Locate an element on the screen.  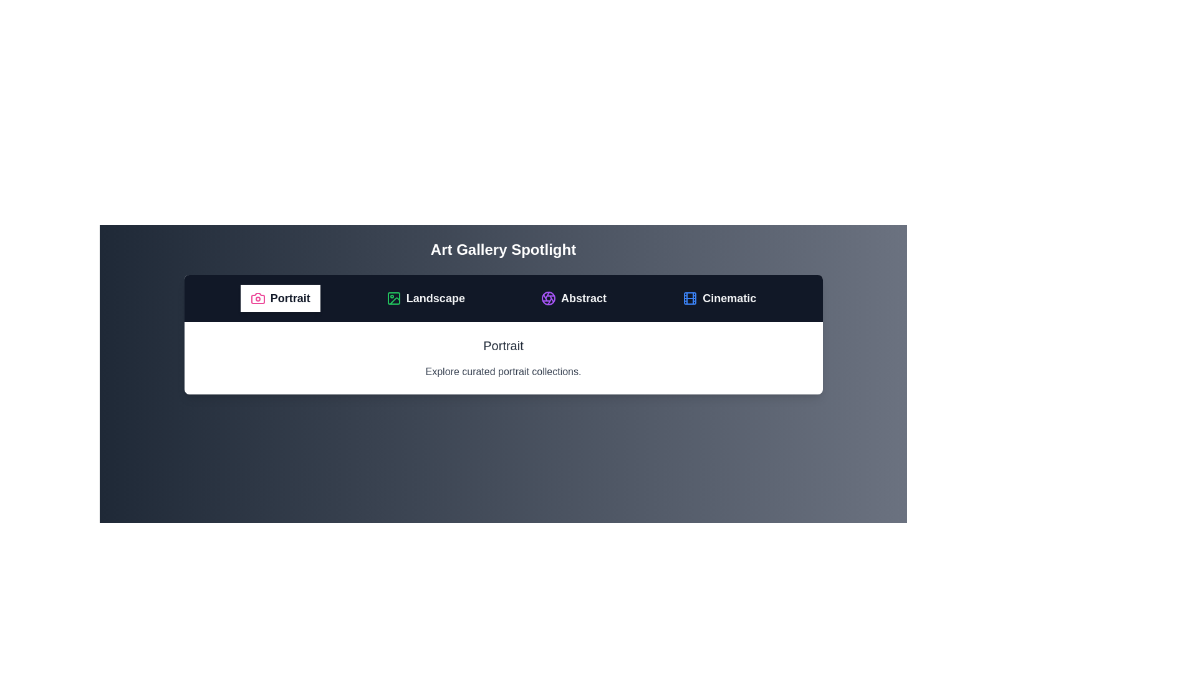
the tab labeled Abstract is located at coordinates (573, 298).